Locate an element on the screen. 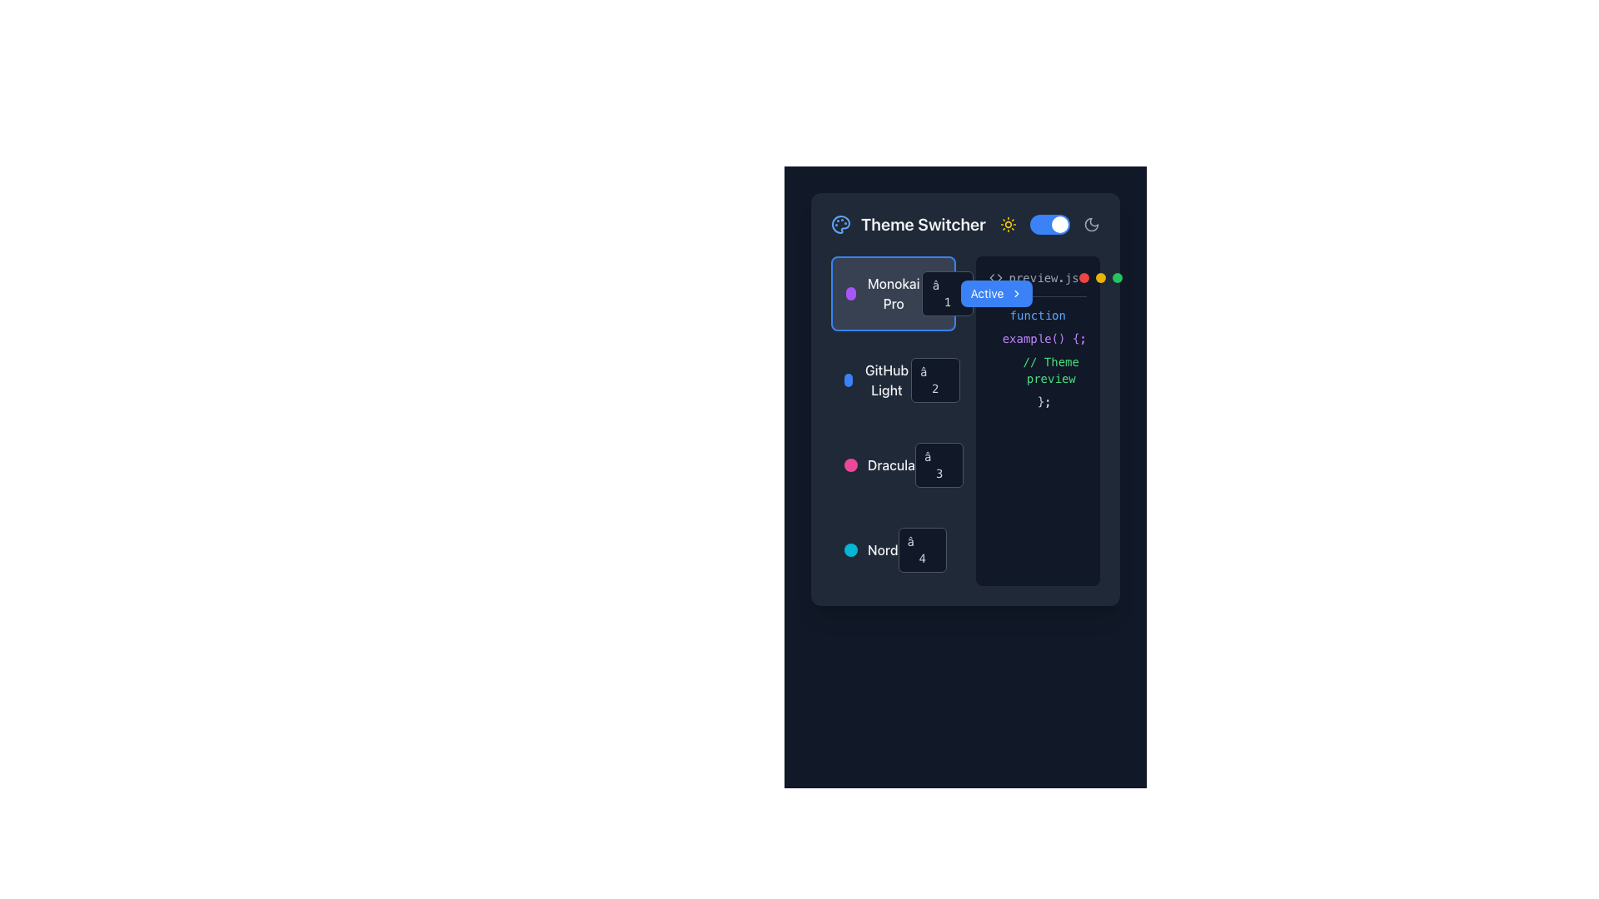  the 'Dracula' theme option button in the Theme Switcher component to change its background color is located at coordinates (892, 465).